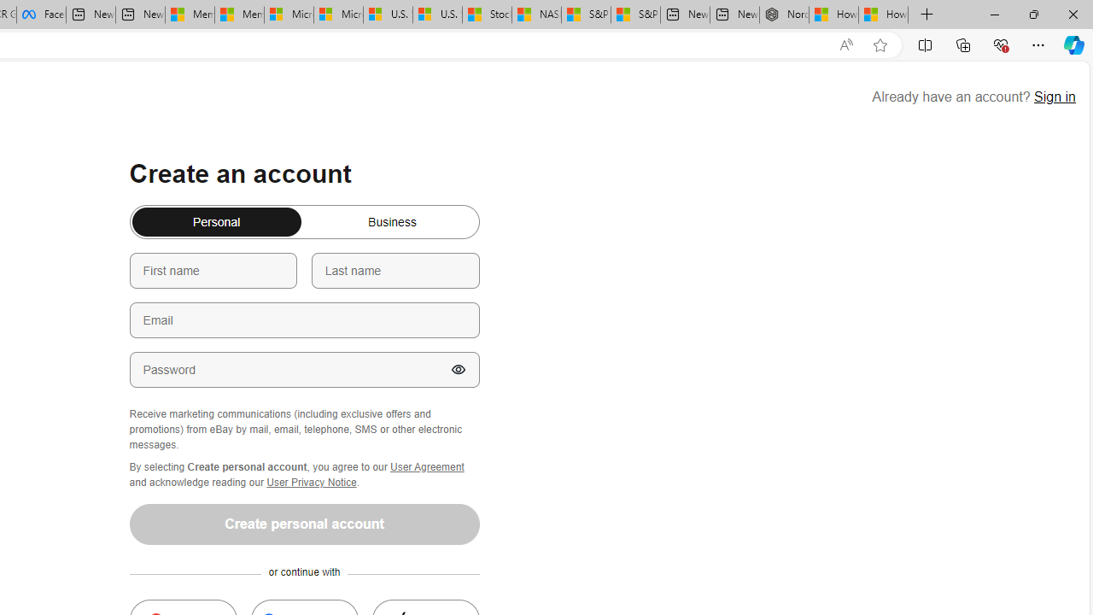 The width and height of the screenshot is (1093, 615). What do you see at coordinates (304, 523) in the screenshot?
I see `'Create personal account'` at bounding box center [304, 523].